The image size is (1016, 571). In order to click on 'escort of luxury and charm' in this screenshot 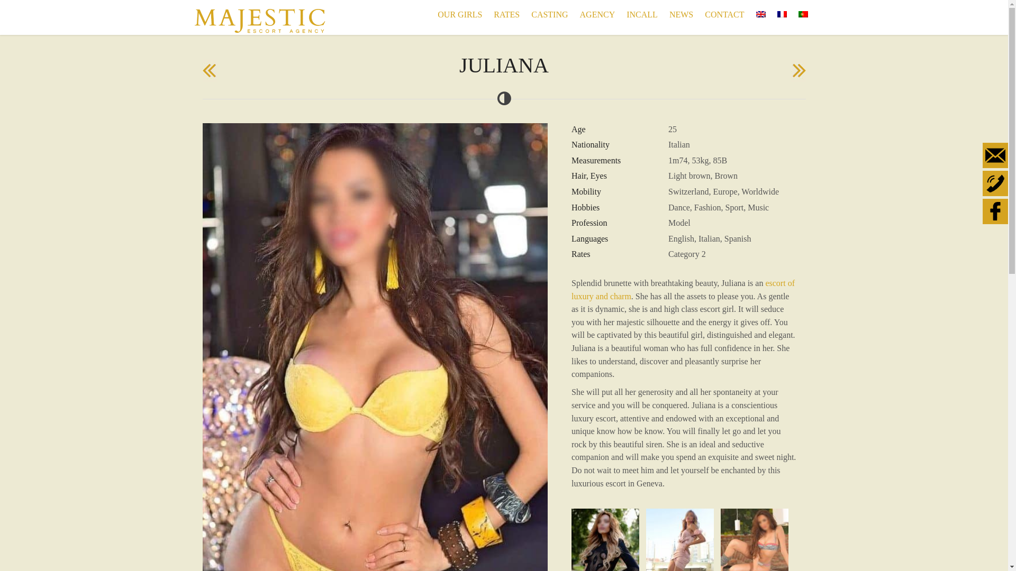, I will do `click(683, 289)`.